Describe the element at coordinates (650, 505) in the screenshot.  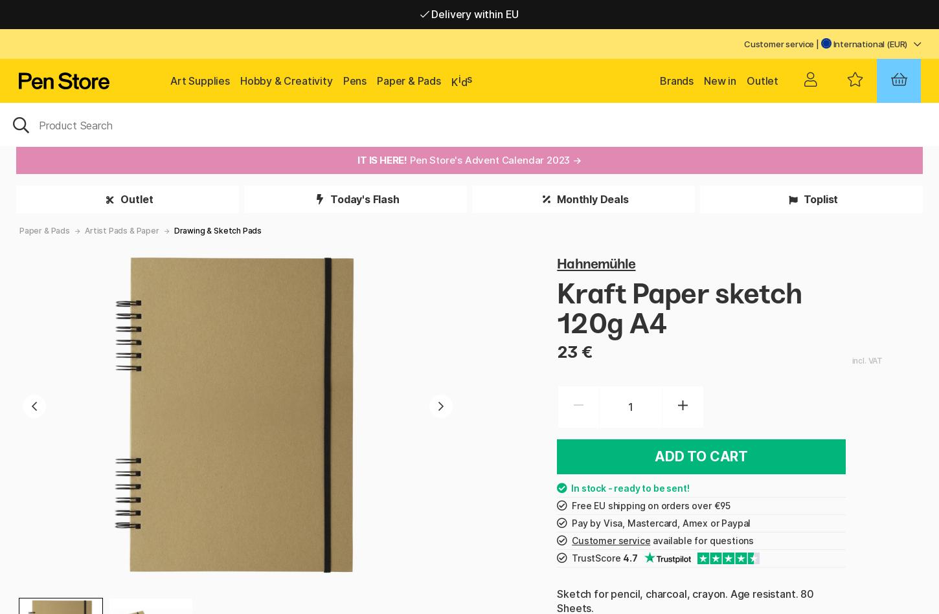
I see `'Free EU shipping on orders over €95'` at that location.